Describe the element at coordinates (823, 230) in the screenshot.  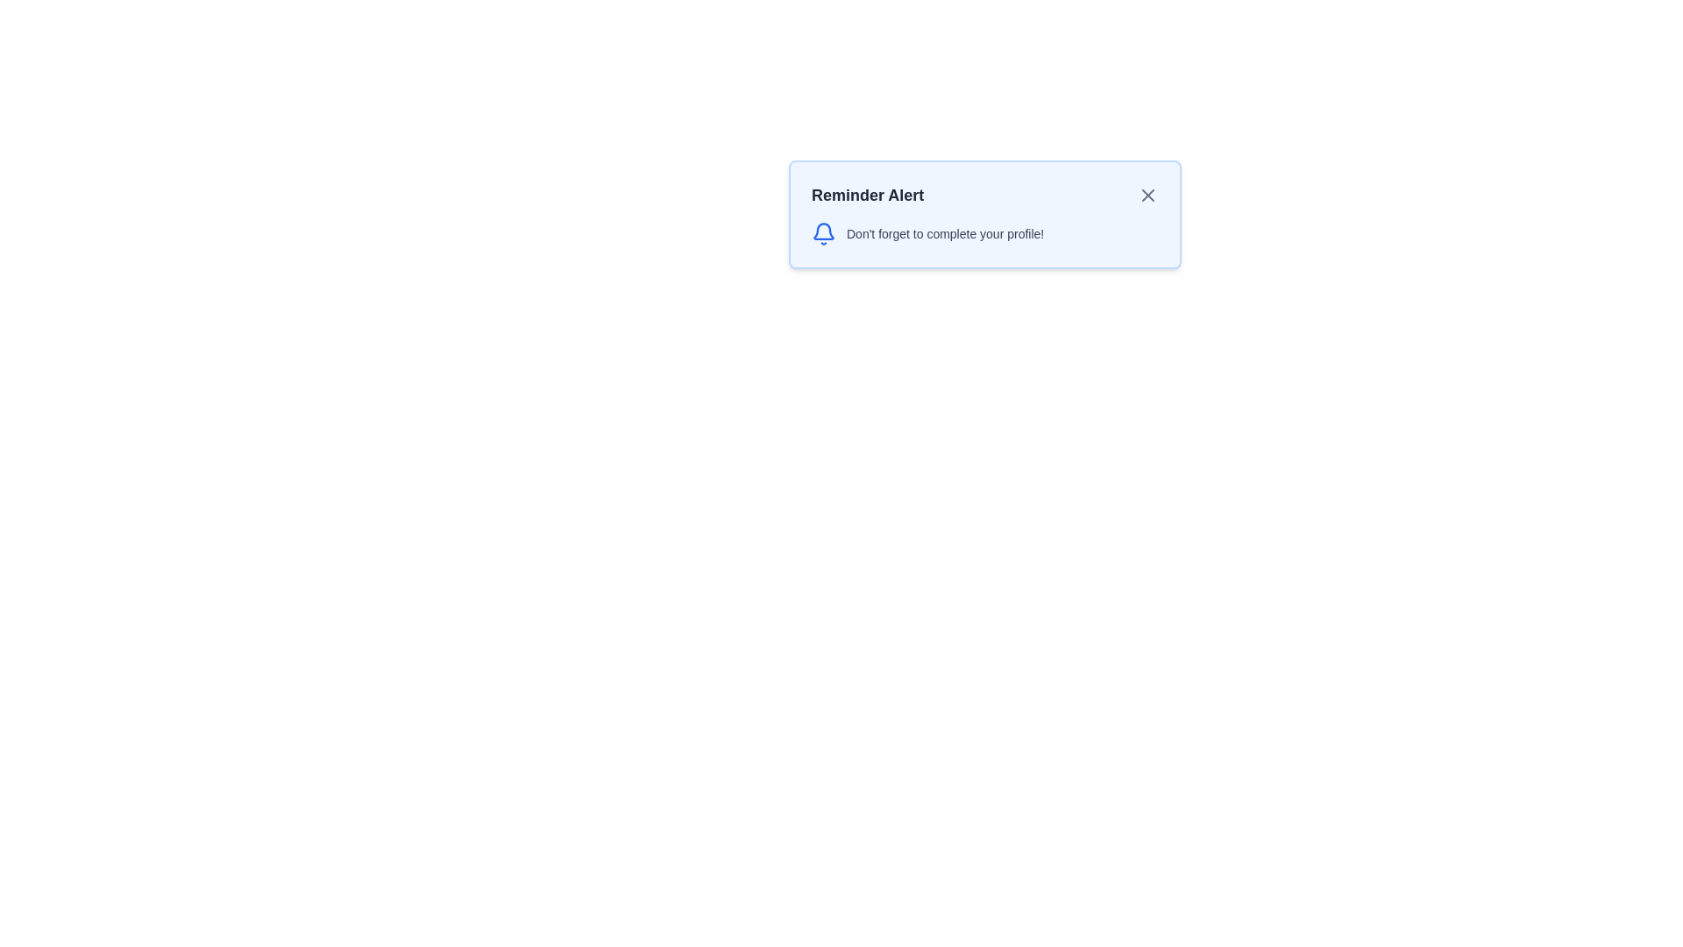
I see `bell notification icon element, which is a blue outlined SVG icon located in the upper-left corner of the alert popup, for its properties and styles` at that location.